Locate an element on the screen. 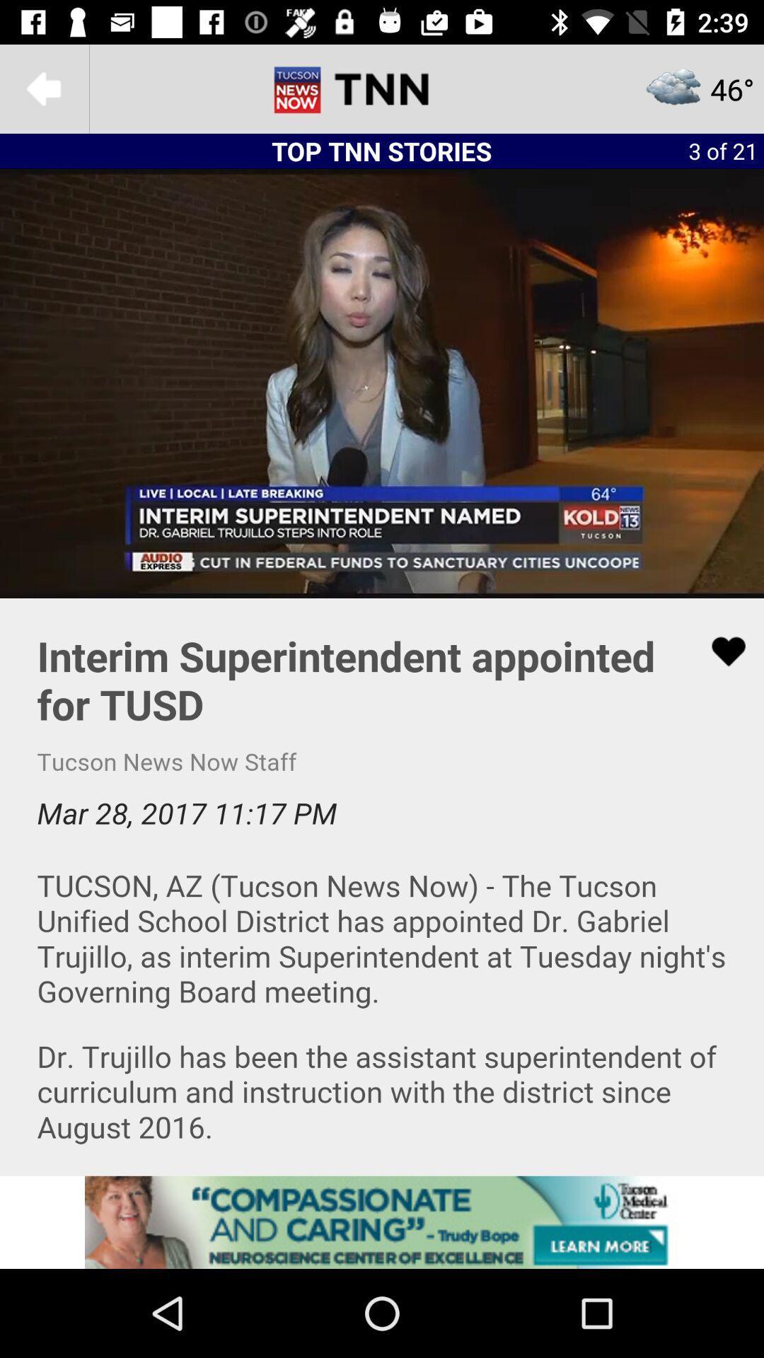  back to previous menu is located at coordinates (43, 88).